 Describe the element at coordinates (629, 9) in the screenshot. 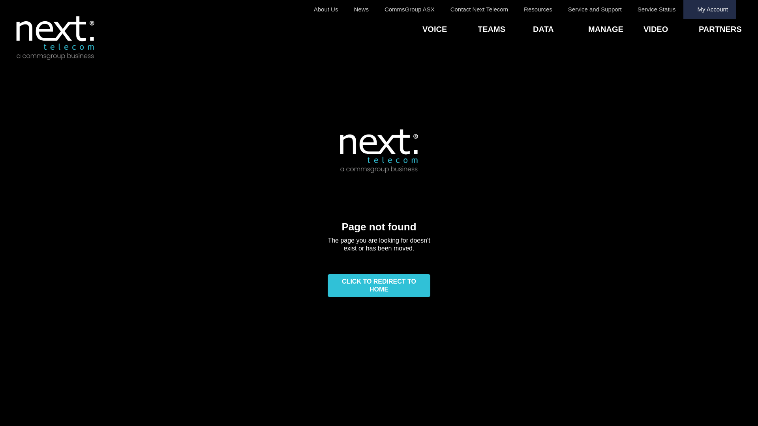

I see `'Service Status'` at that location.